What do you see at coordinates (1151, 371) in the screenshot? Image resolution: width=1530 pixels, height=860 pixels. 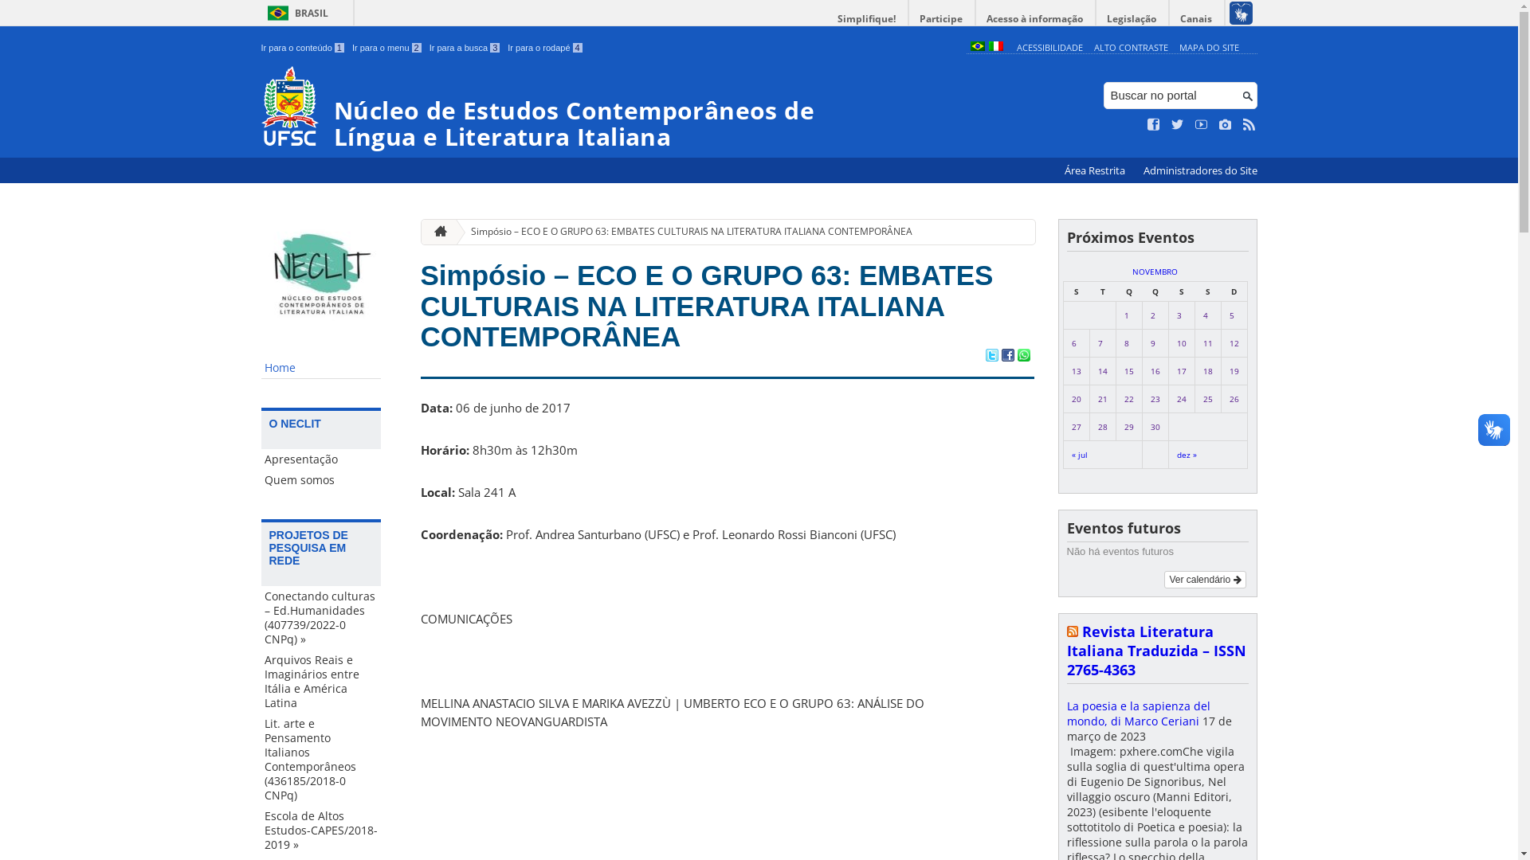 I see `'16'` at bounding box center [1151, 371].